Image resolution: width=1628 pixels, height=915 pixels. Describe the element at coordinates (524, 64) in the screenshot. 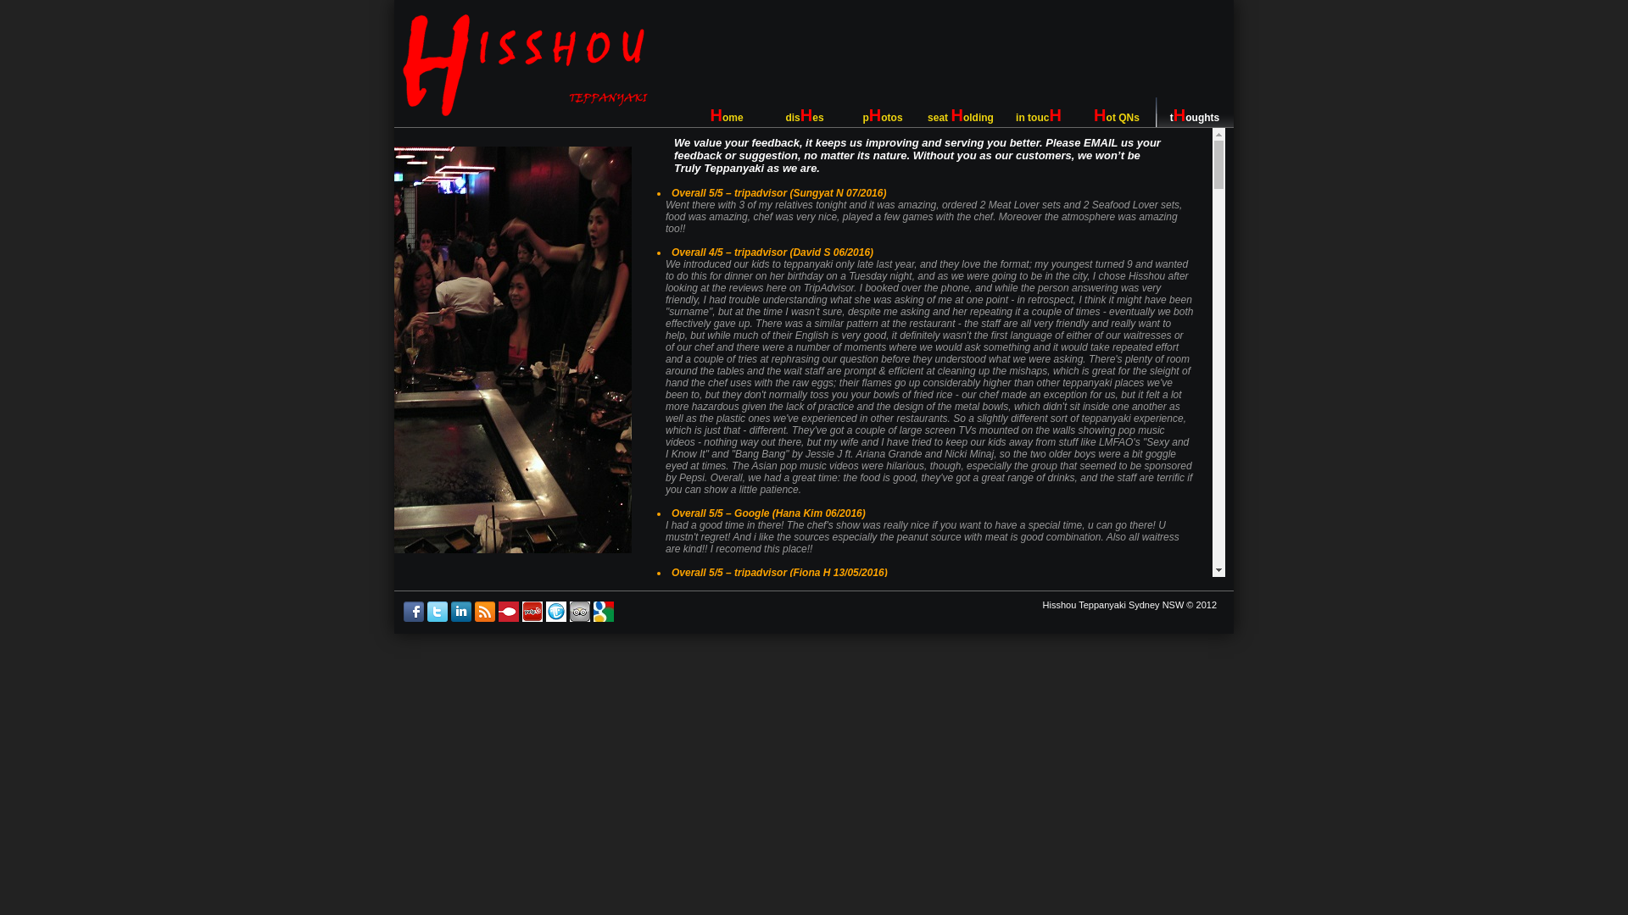

I see `'HISSHOU Teppanyaki'` at that location.